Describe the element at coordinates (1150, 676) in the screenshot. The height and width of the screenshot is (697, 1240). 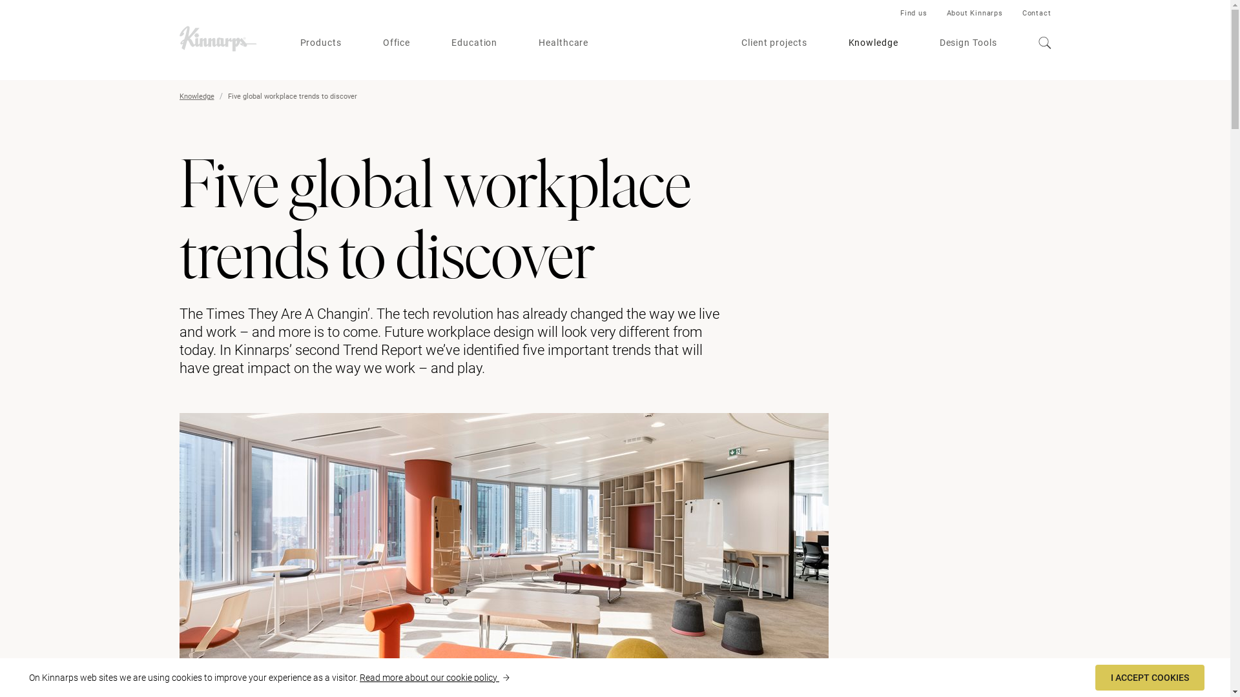
I see `'I ACCEPT COOKIES'` at that location.